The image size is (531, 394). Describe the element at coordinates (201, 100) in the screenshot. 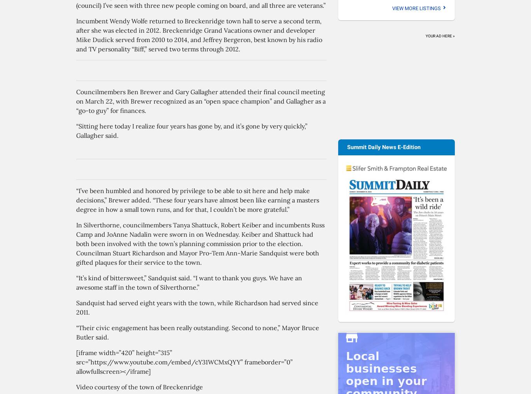

I see `'Councilmembers Ben Brewer and Gary Gallagher attended their final council meeting on March 22, with Brewer recognized as an “open space champion” and Gallagher as a “go-to guy” for finances.'` at that location.